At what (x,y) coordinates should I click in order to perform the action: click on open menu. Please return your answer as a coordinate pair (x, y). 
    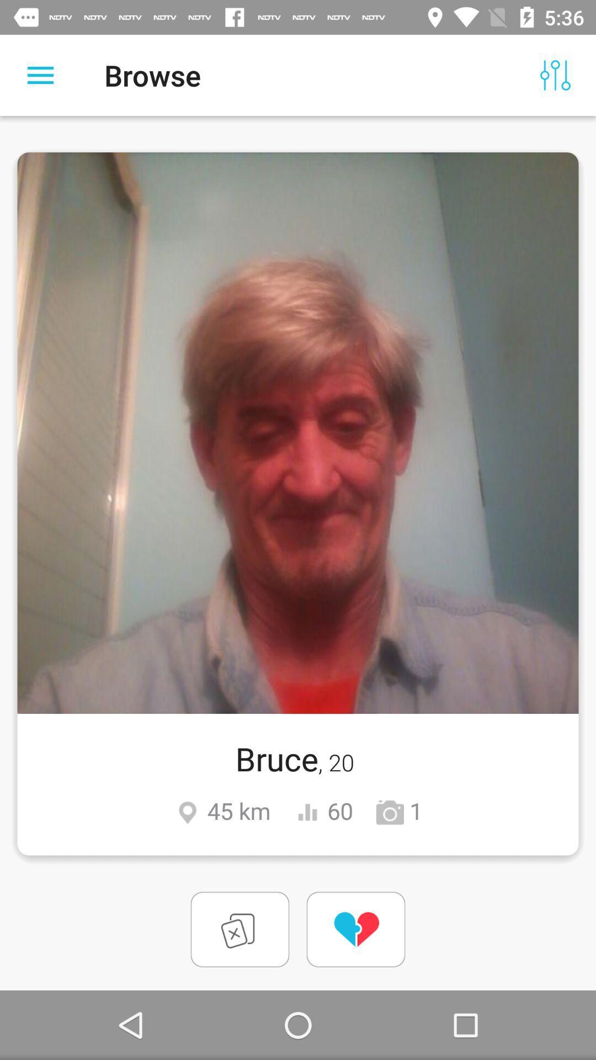
    Looking at the image, I should click on (40, 75).